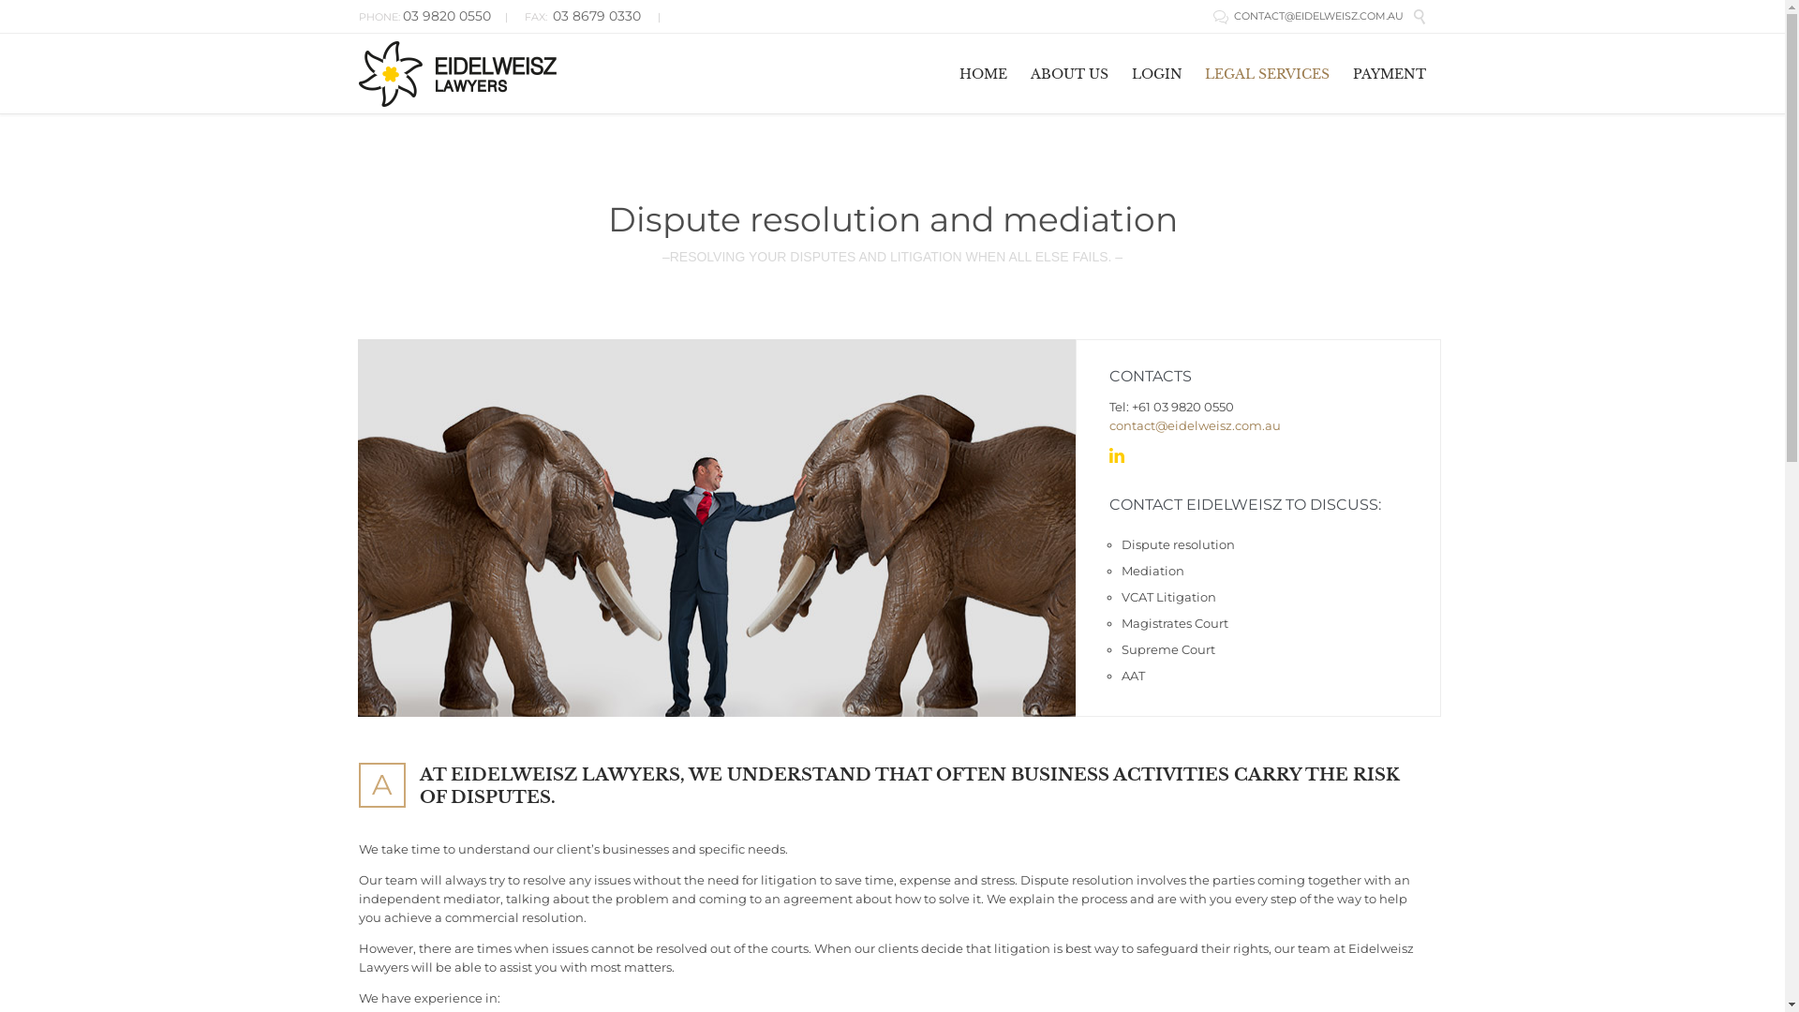 This screenshot has height=1012, width=1799. I want to click on '03 8679 0330', so click(596, 17).